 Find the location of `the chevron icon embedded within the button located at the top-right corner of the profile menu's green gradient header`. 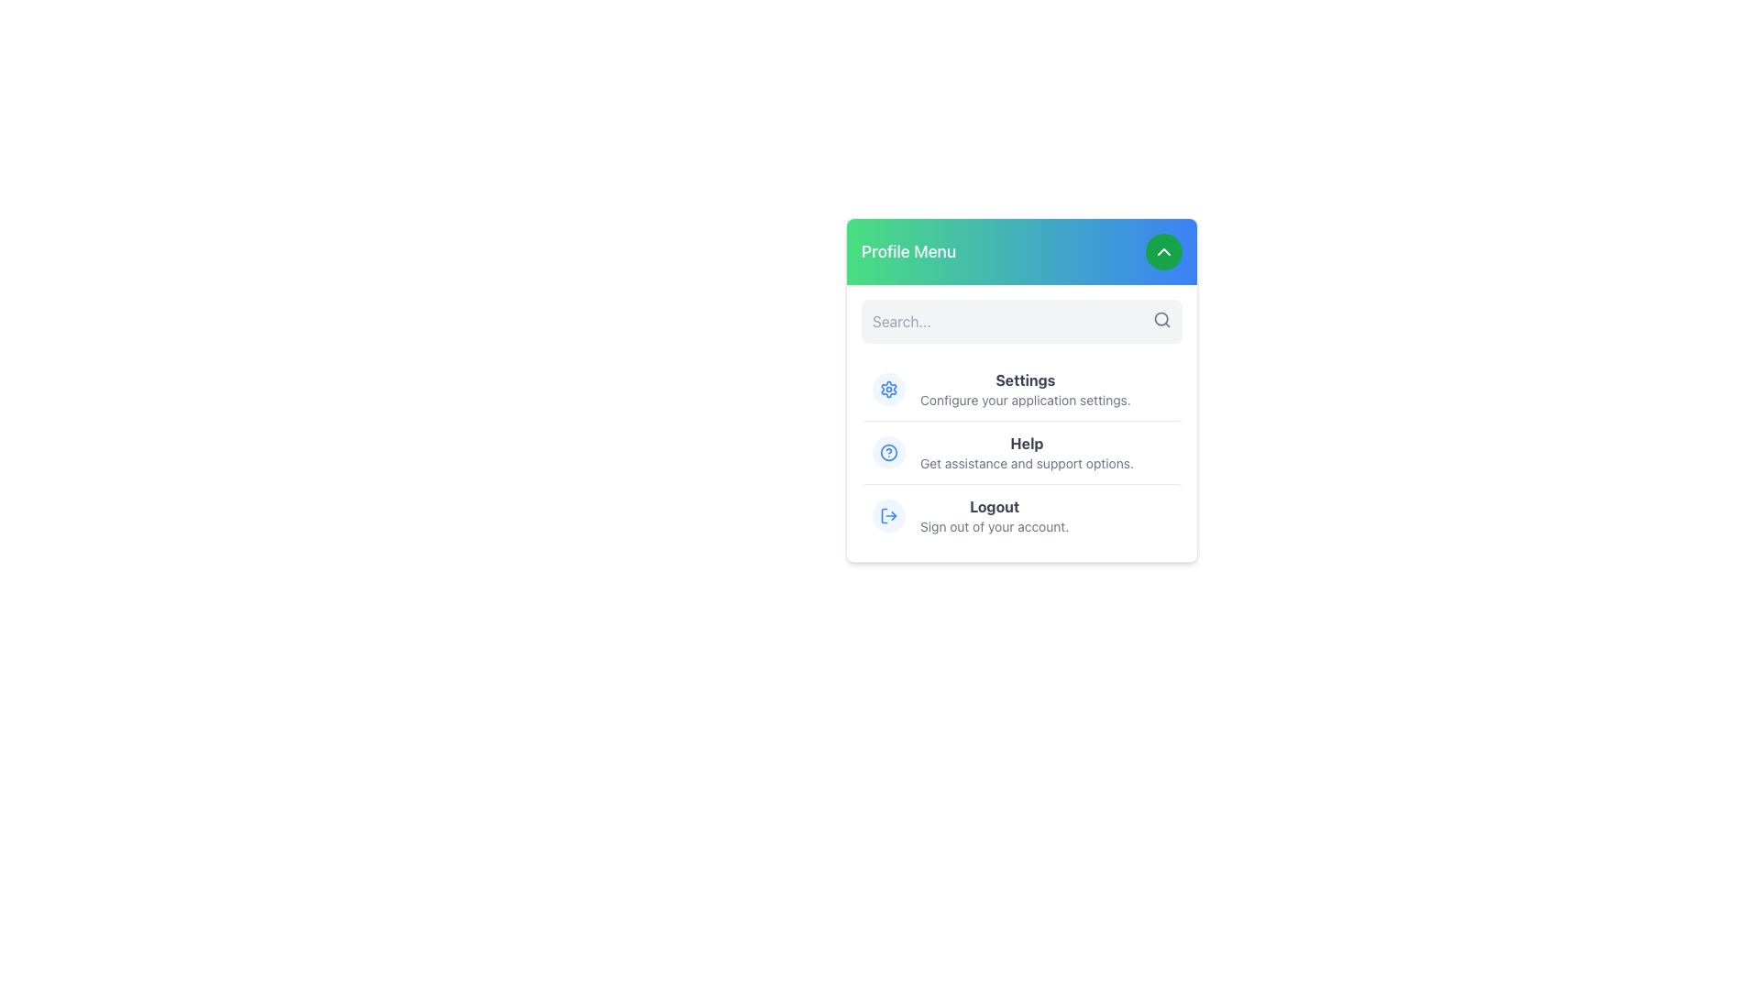

the chevron icon embedded within the button located at the top-right corner of the profile menu's green gradient header is located at coordinates (1163, 251).